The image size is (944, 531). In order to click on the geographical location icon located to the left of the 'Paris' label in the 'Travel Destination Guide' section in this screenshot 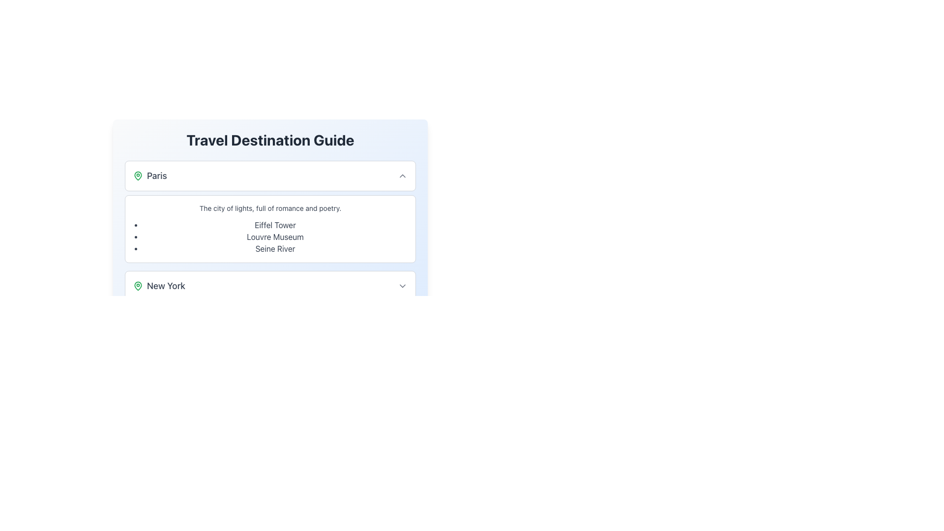, I will do `click(138, 176)`.